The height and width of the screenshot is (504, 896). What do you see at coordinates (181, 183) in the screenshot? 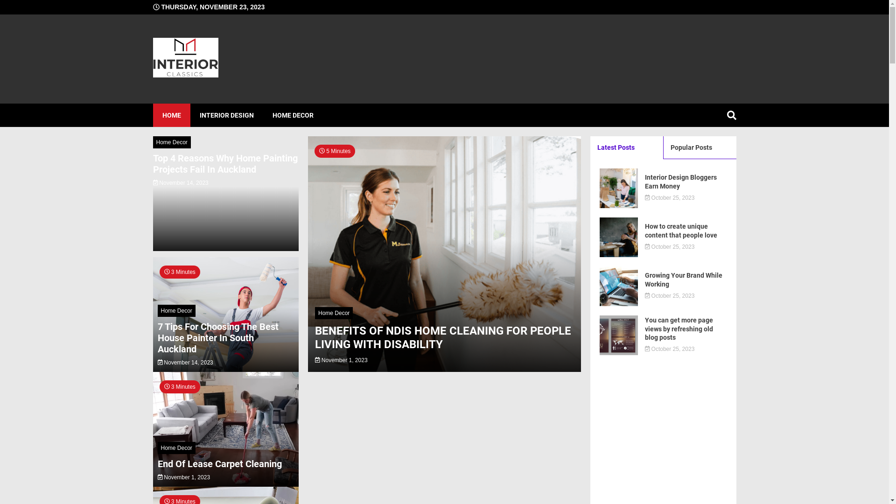
I see `'November 14, 2023'` at bounding box center [181, 183].